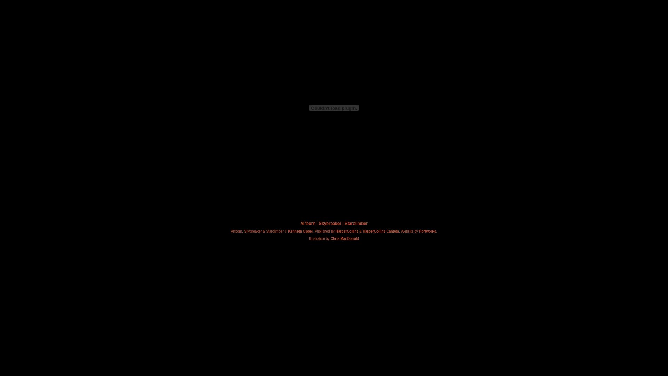 This screenshot has width=668, height=376. Describe the element at coordinates (419, 231) in the screenshot. I see `'Hoffworks'` at that location.